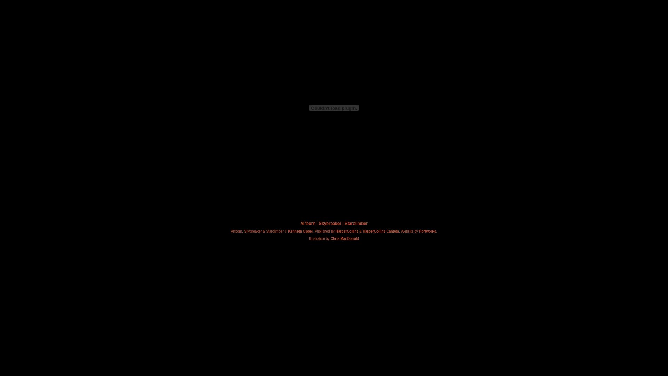 This screenshot has width=668, height=376. Describe the element at coordinates (419, 231) in the screenshot. I see `'Hoffworks'` at that location.